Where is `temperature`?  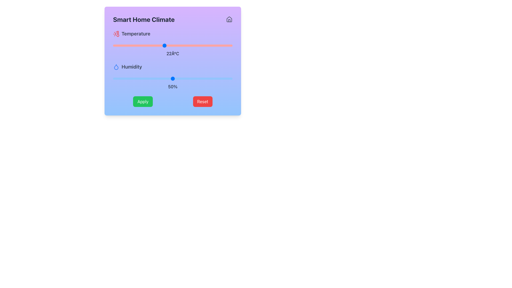
temperature is located at coordinates (164, 45).